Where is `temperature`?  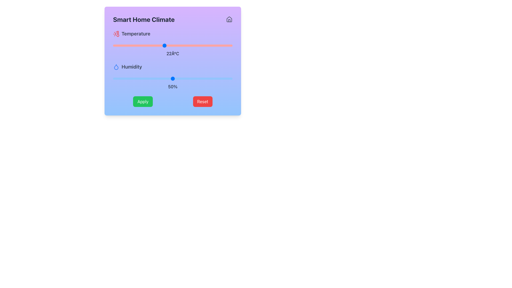
temperature is located at coordinates (164, 45).